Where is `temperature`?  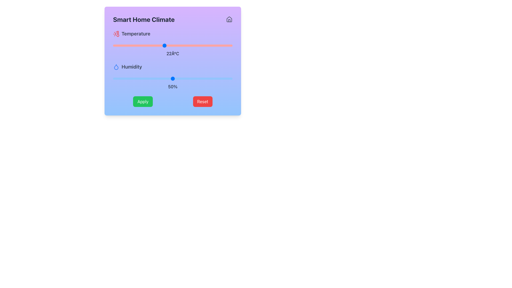
temperature is located at coordinates (164, 45).